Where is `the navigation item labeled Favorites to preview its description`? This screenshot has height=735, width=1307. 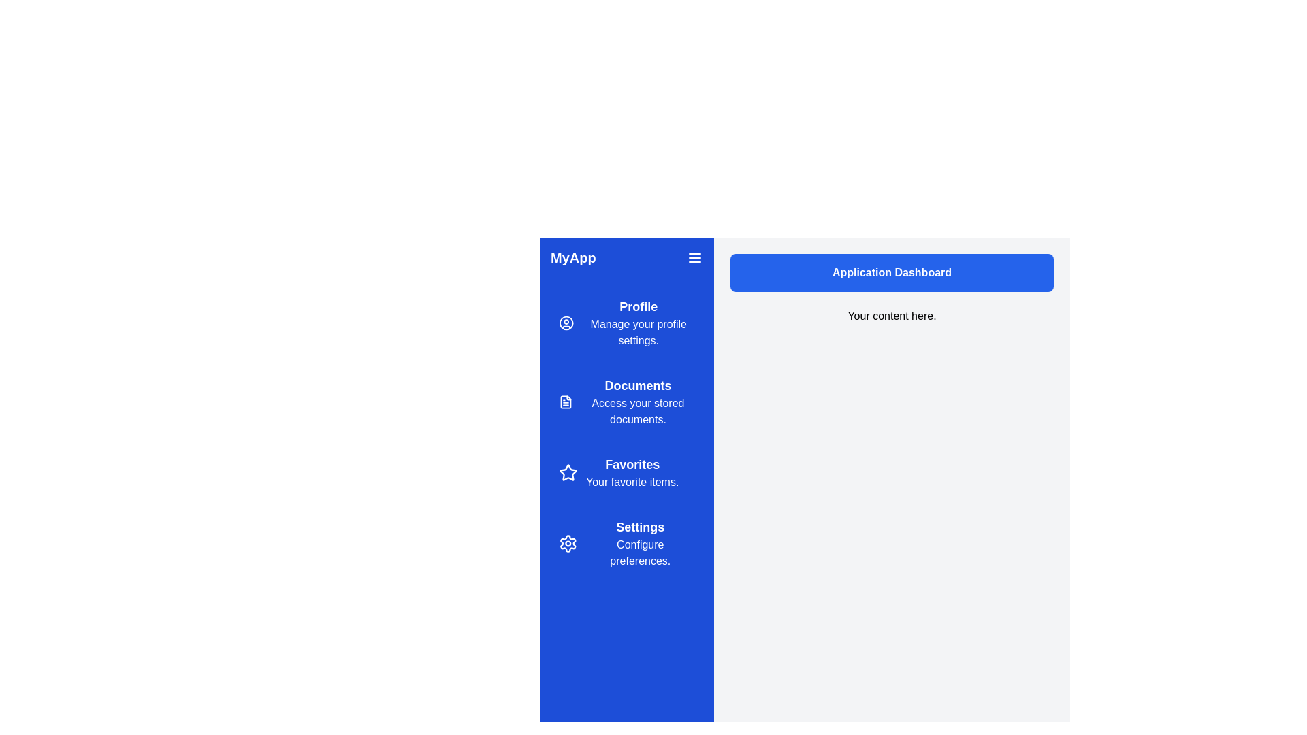 the navigation item labeled Favorites to preview its description is located at coordinates (626, 472).